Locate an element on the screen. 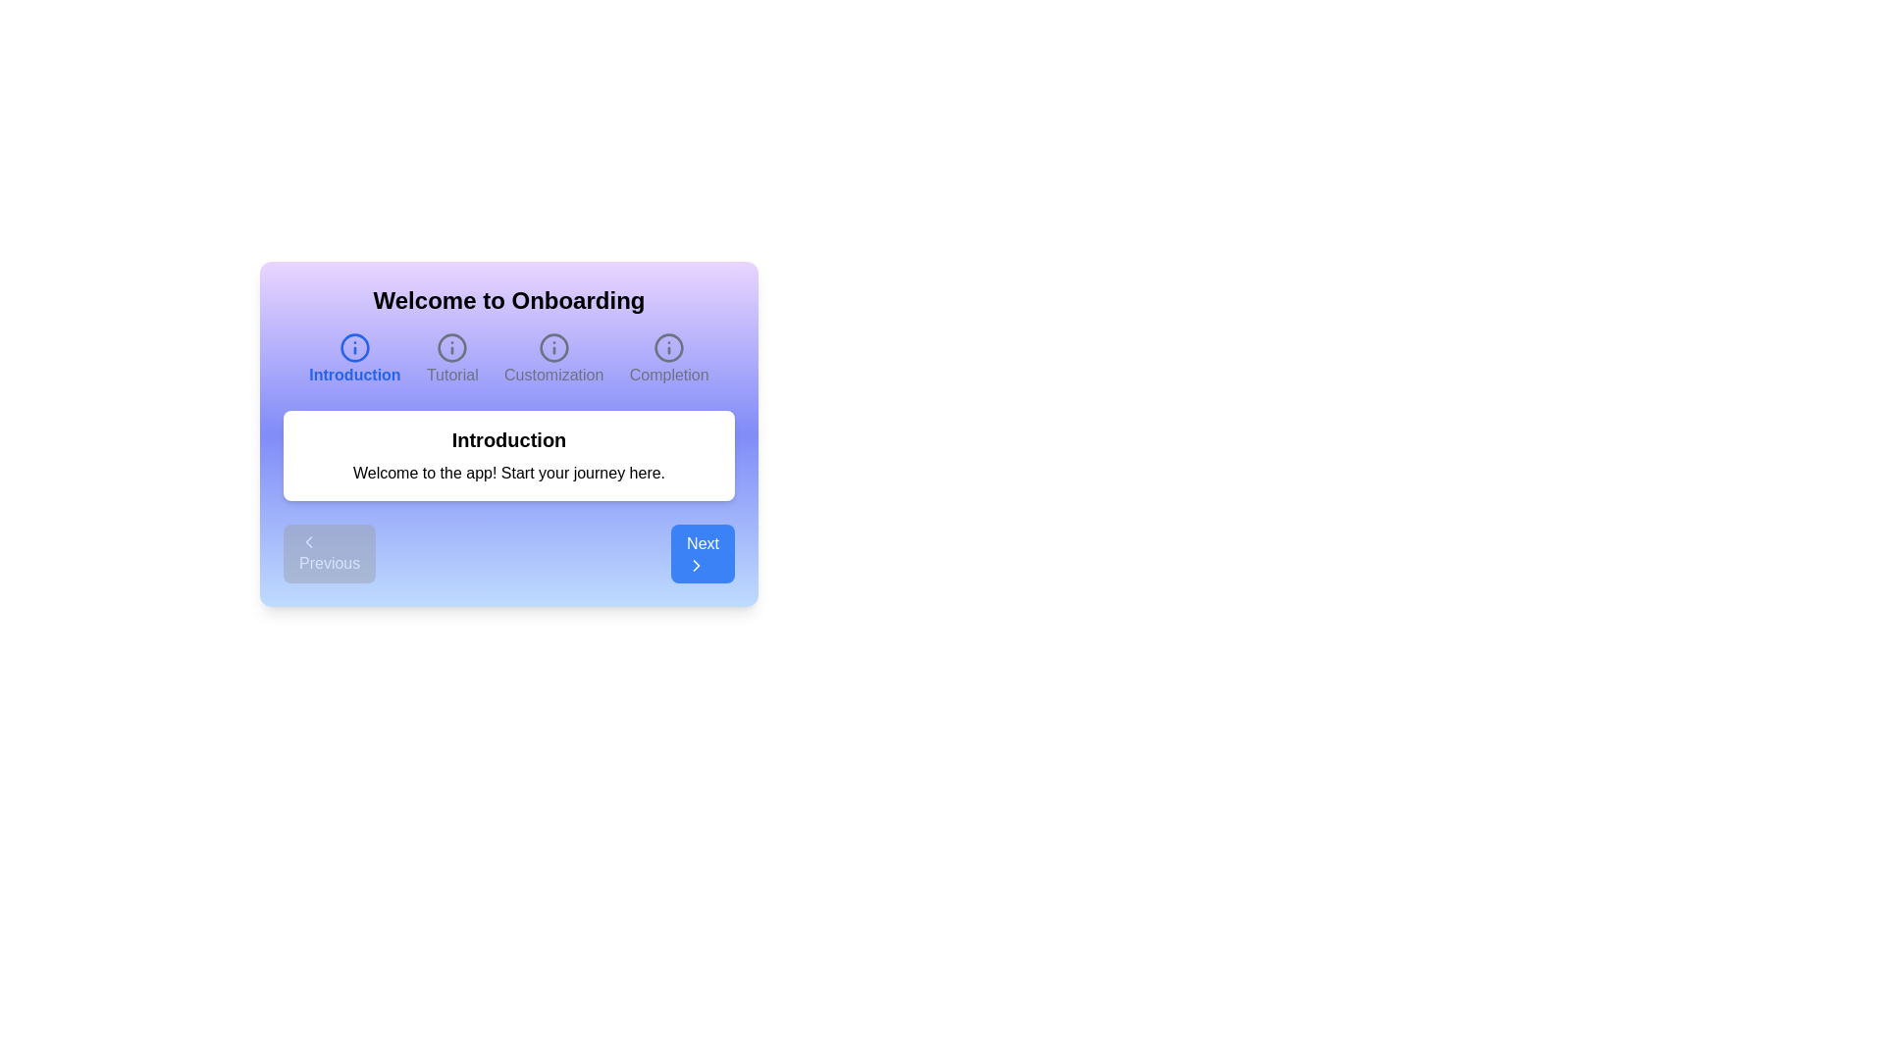 The image size is (1884, 1059). the stepper item labeled 'Customization', which features a circular icon with an 'i' inside and is the third in a series of four navigation indicators is located at coordinates (552, 359).